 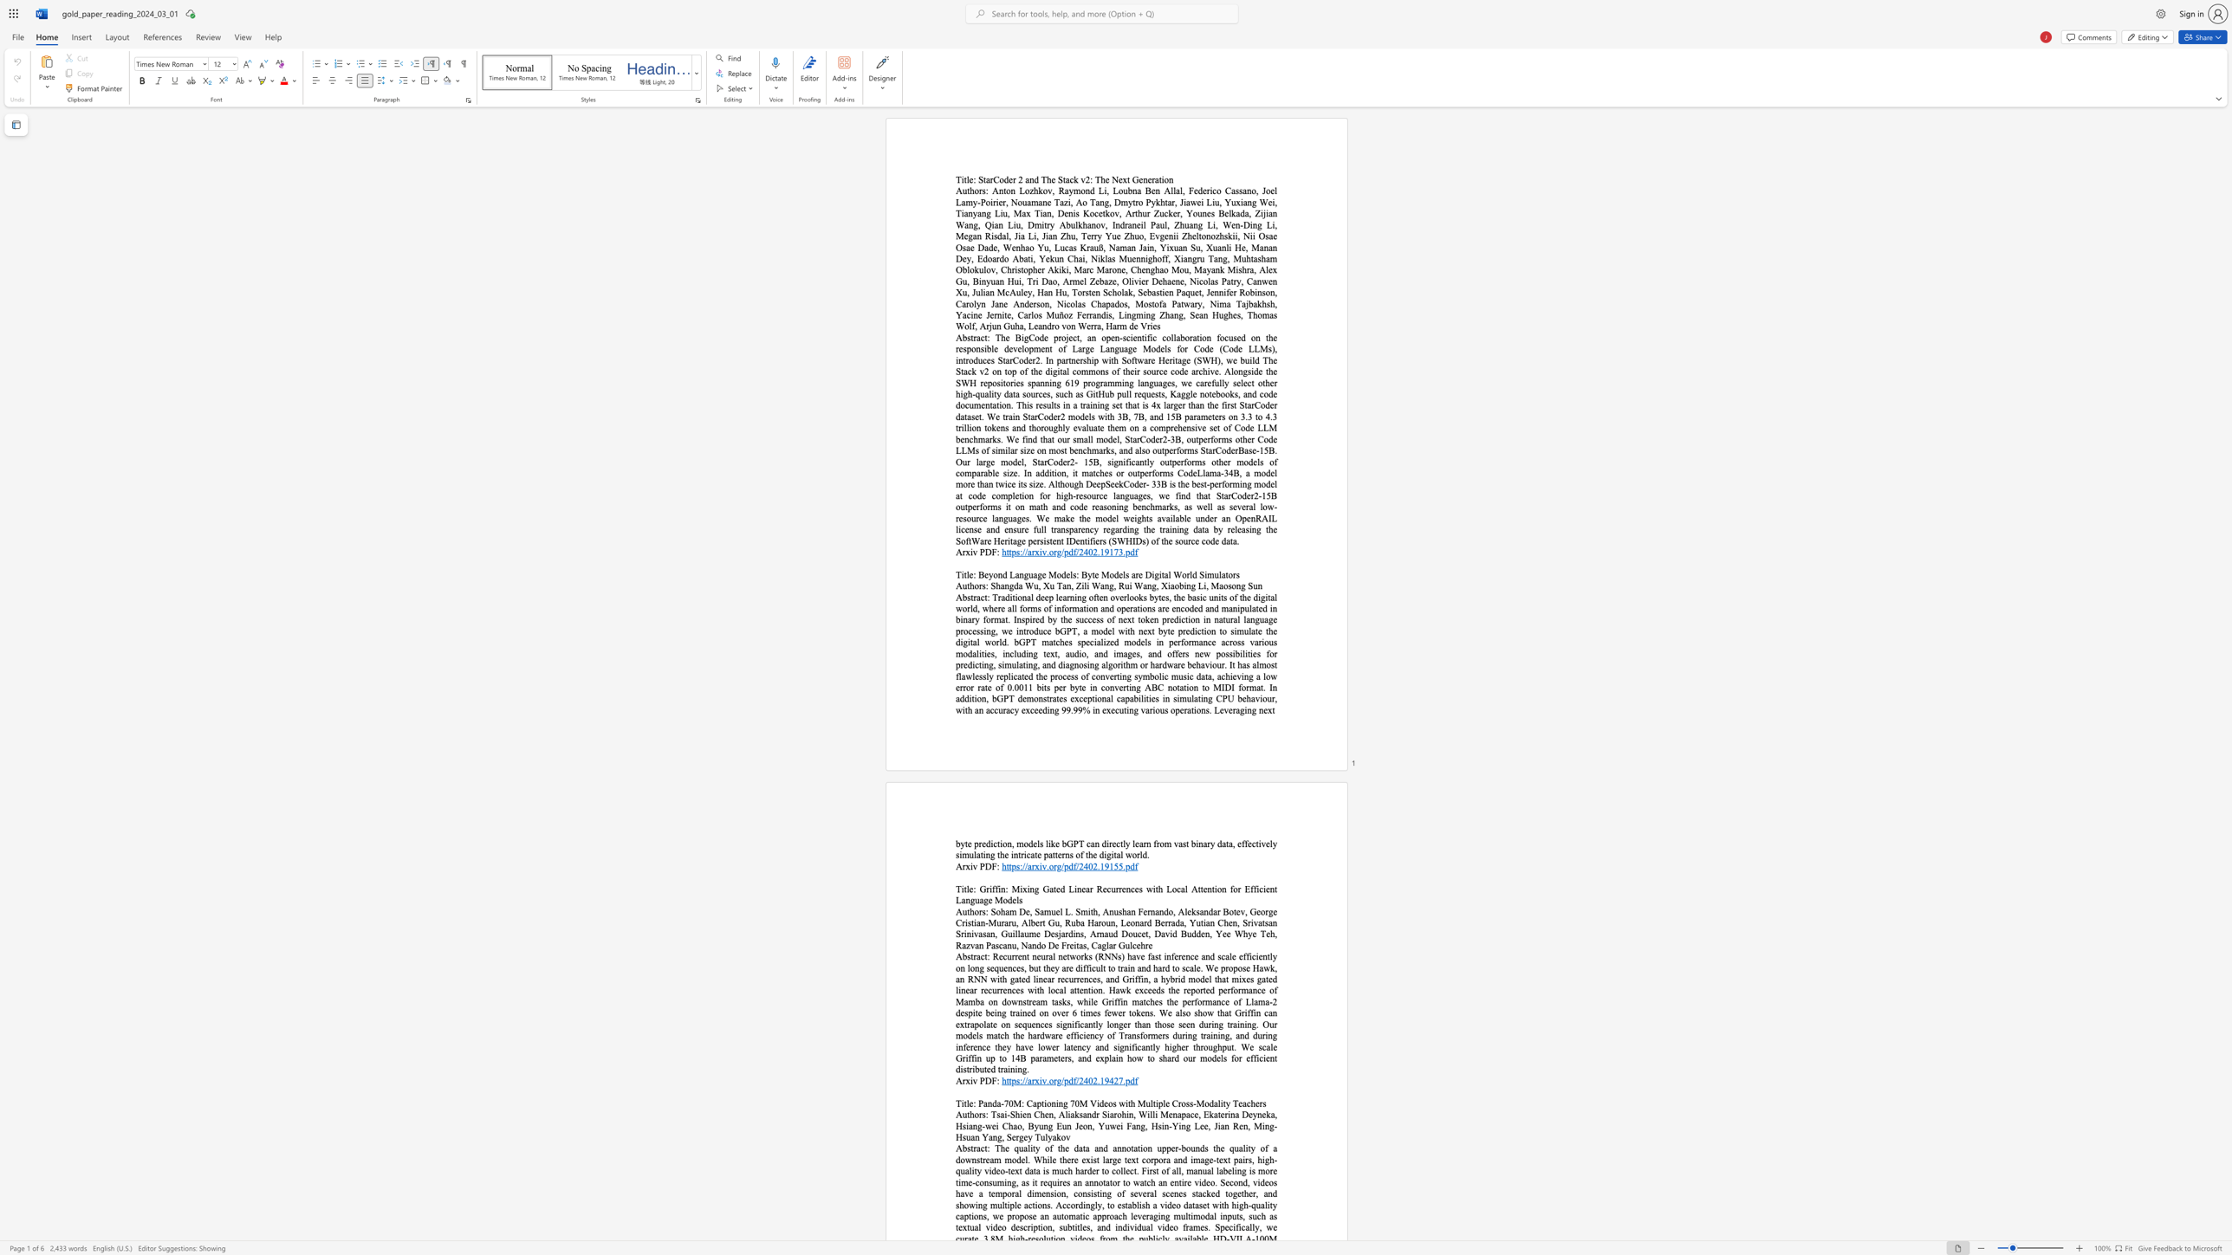 What do you see at coordinates (956, 866) in the screenshot?
I see `the subset text "Arxiv PDF" within the text "Arxiv PDF:"` at bounding box center [956, 866].